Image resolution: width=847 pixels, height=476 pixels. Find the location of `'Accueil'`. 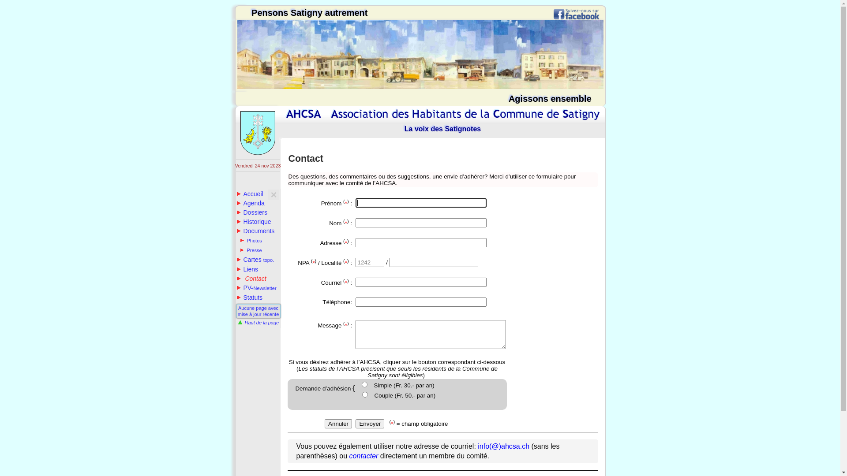

'Accueil' is located at coordinates (249, 193).